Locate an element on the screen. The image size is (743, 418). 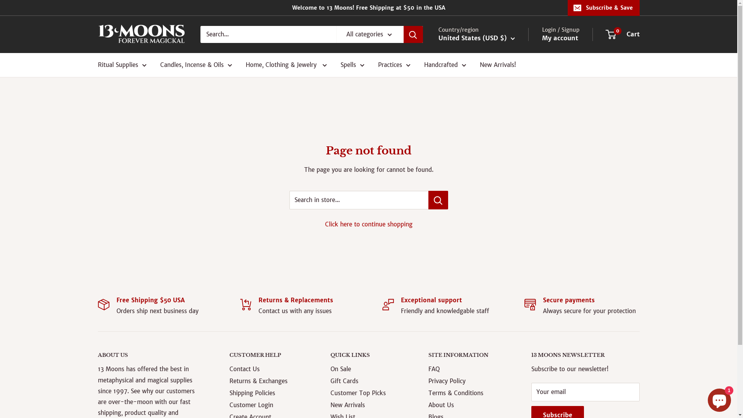
'My account' is located at coordinates (560, 38).